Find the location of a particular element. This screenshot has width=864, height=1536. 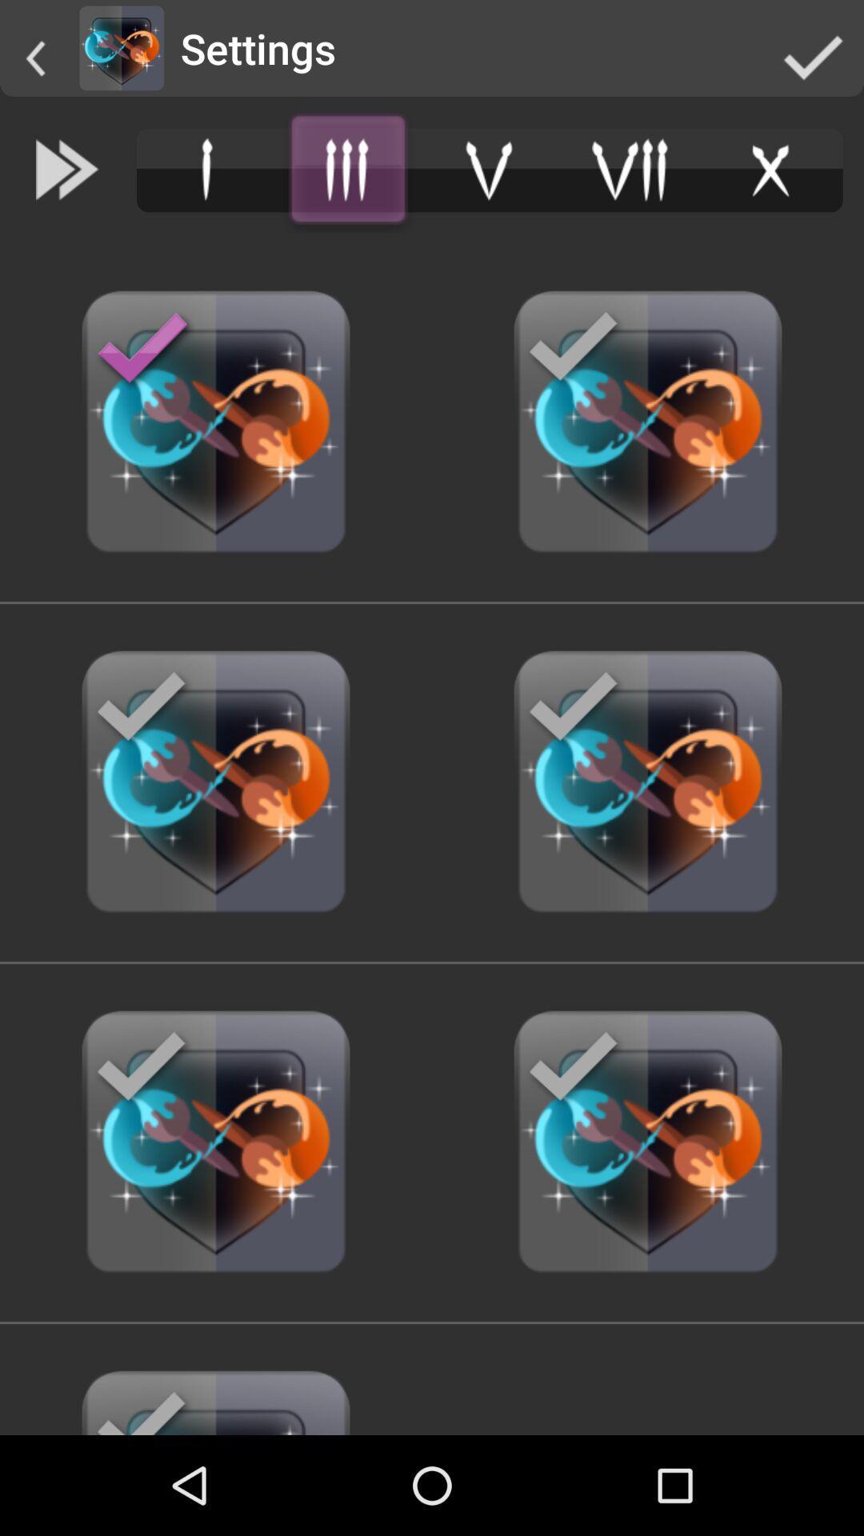

i is located at coordinates (206, 170).